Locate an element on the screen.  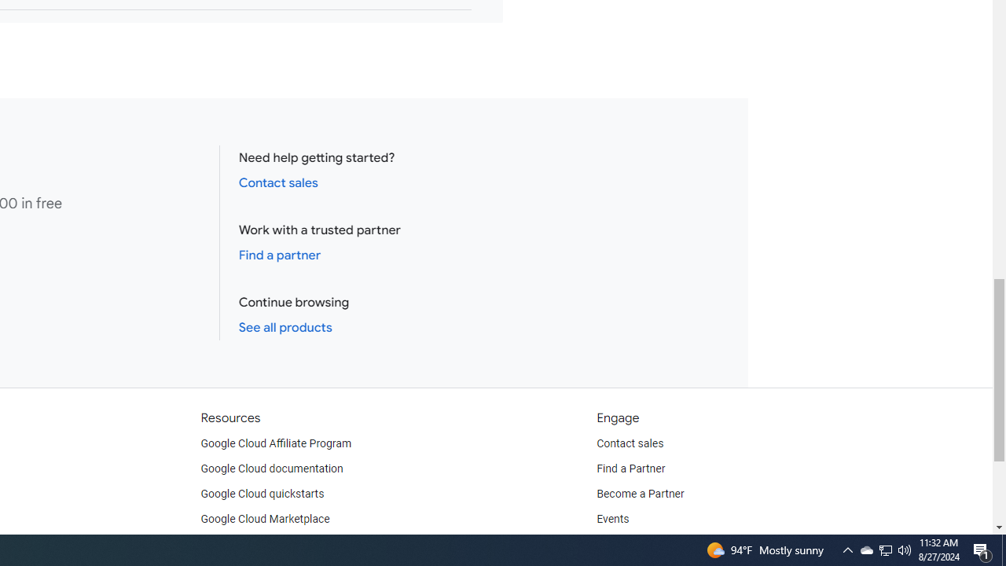
'Events' is located at coordinates (612, 519).